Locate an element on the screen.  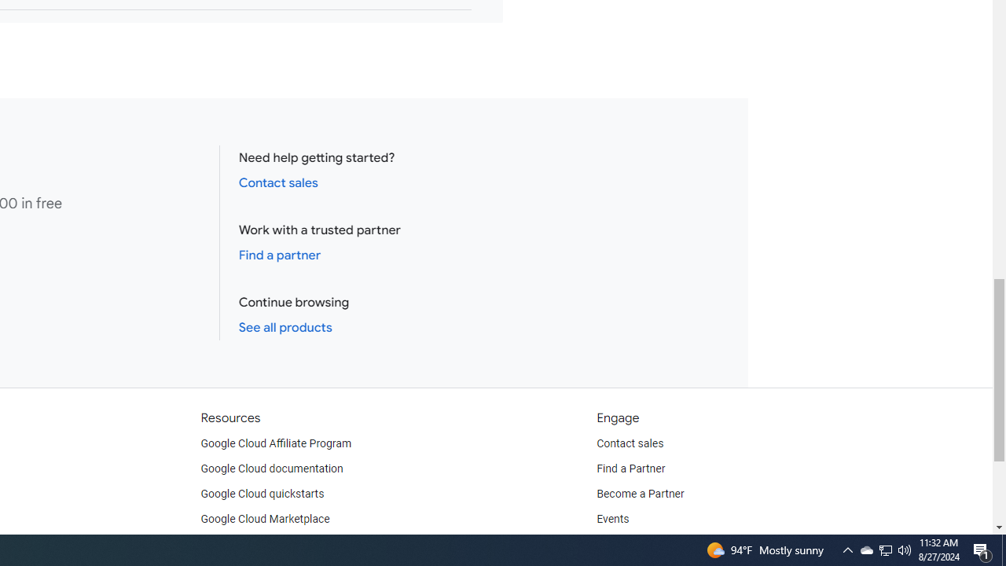
'Events' is located at coordinates (612, 519).